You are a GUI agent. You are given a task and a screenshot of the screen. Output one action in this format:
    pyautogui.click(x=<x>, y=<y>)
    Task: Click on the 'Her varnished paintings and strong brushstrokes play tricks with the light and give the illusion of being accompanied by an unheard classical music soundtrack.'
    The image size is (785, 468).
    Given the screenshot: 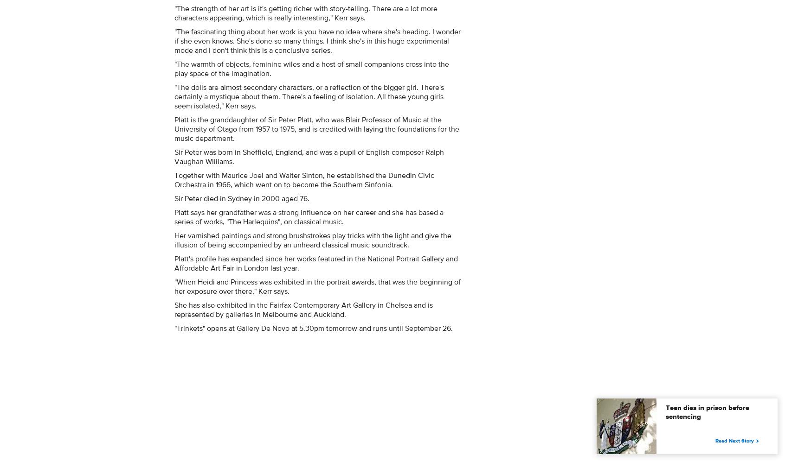 What is the action you would take?
    pyautogui.click(x=313, y=240)
    